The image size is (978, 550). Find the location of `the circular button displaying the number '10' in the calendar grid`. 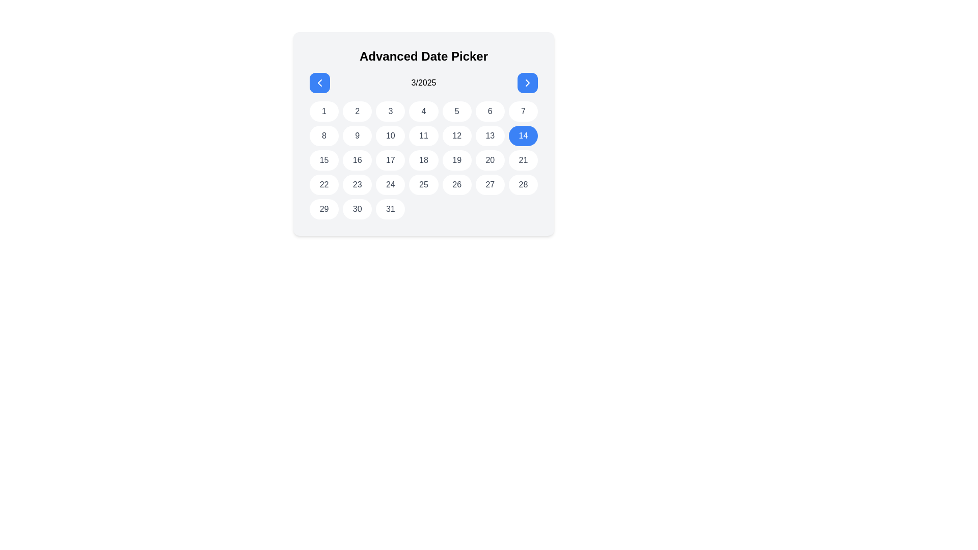

the circular button displaying the number '10' in the calendar grid is located at coordinates (390, 135).